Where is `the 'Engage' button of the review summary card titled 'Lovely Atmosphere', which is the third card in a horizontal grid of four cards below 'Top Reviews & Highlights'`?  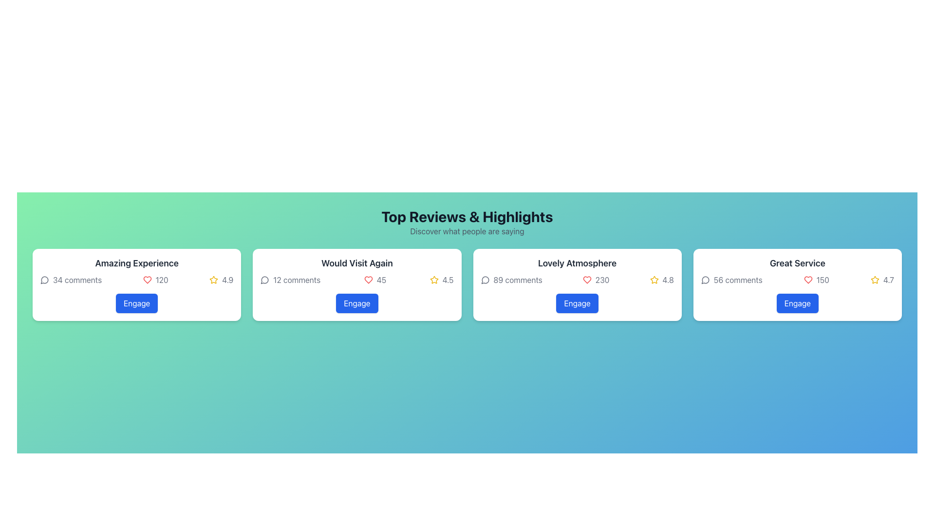
the 'Engage' button of the review summary card titled 'Lovely Atmosphere', which is the third card in a horizontal grid of four cards below 'Top Reviews & Highlights' is located at coordinates (577, 285).